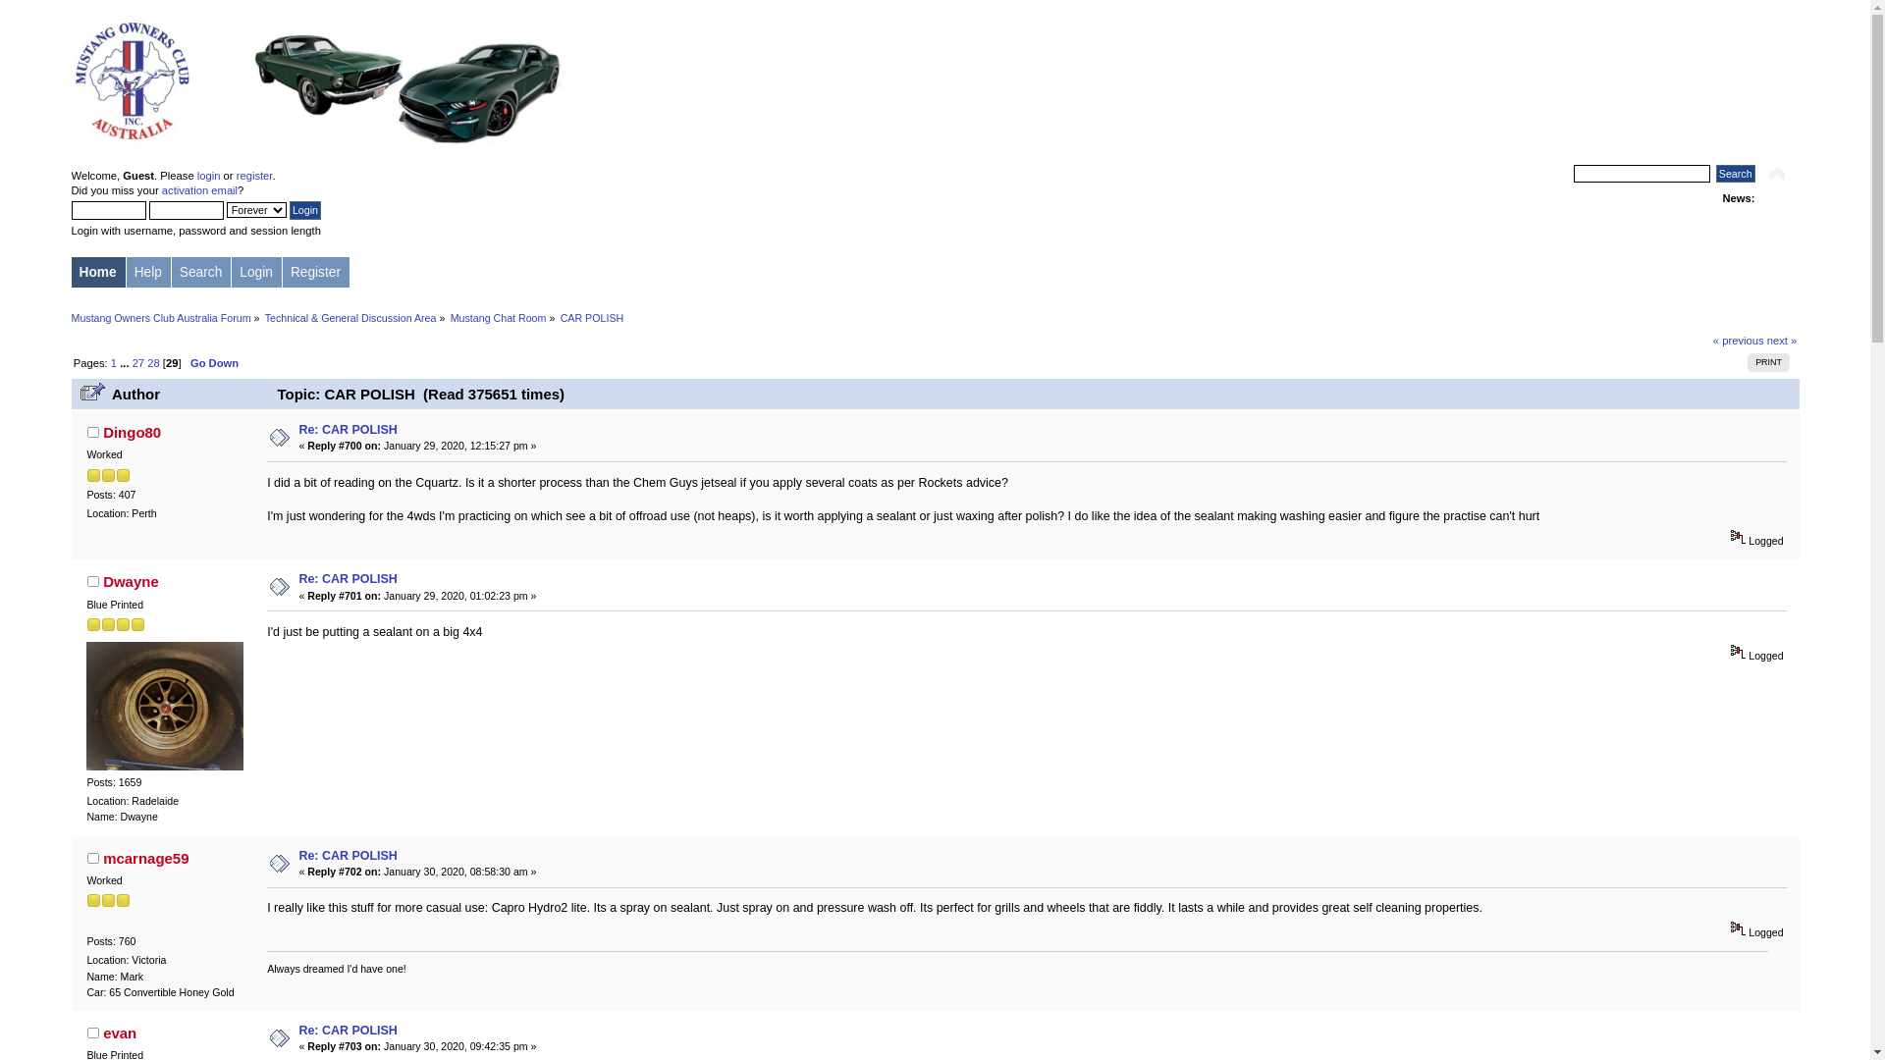 The width and height of the screenshot is (1885, 1060). What do you see at coordinates (348, 429) in the screenshot?
I see `'Re: CAR POLISH'` at bounding box center [348, 429].